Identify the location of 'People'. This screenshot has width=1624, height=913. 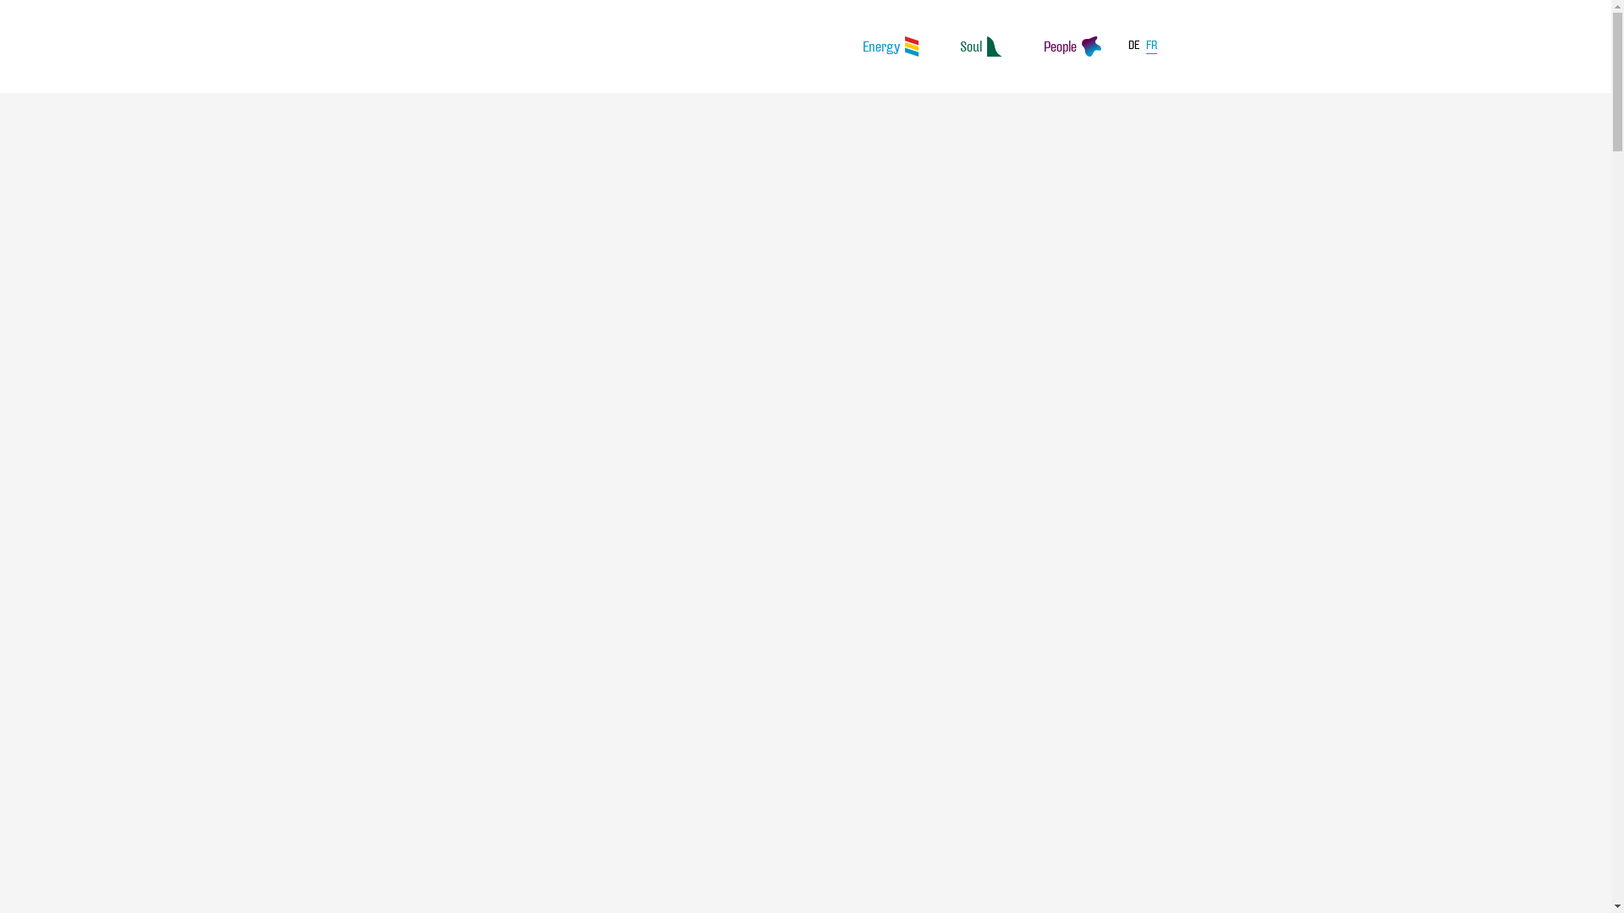
(1071, 45).